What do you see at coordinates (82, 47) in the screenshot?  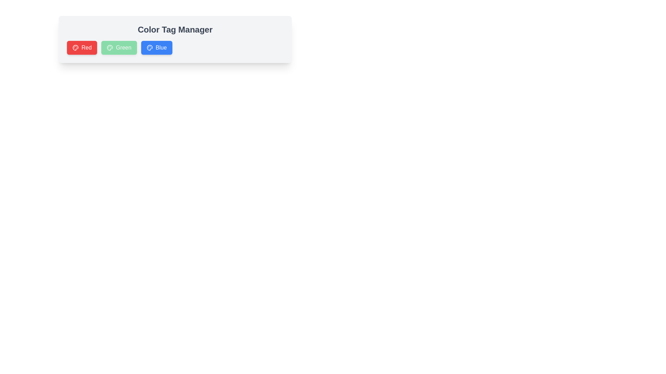 I see `the button labeled Red to observe its hover effect` at bounding box center [82, 47].